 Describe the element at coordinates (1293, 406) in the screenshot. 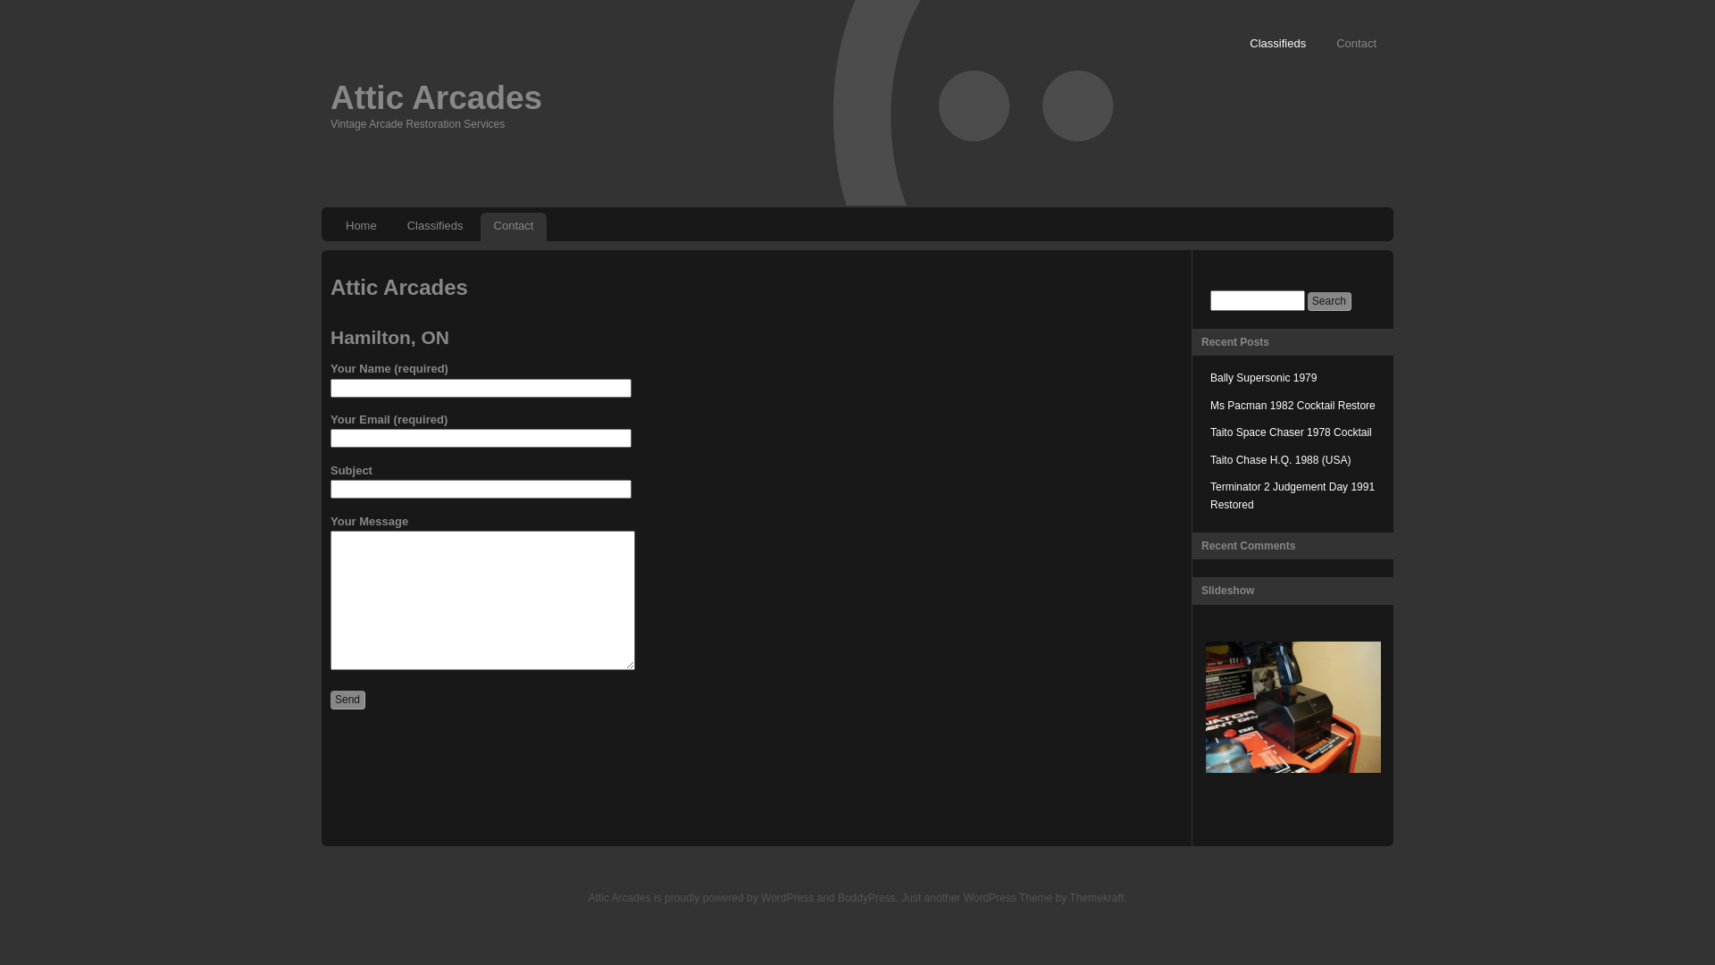

I see `'Ms Pacman 1982 Cocktail Restore'` at that location.